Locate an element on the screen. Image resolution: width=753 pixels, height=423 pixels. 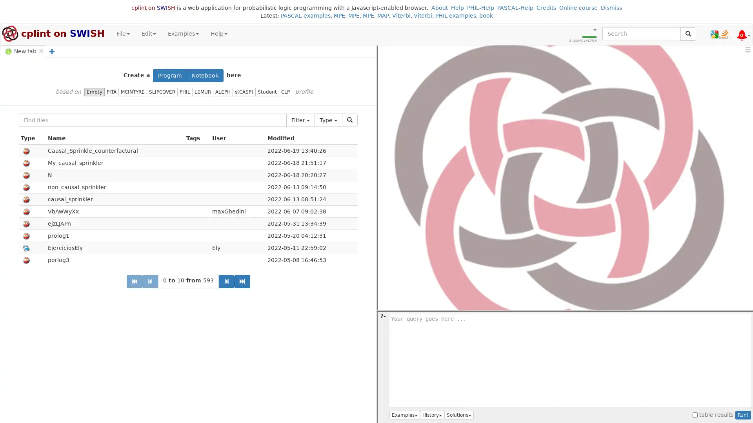
Solutions is located at coordinates (459, 415).